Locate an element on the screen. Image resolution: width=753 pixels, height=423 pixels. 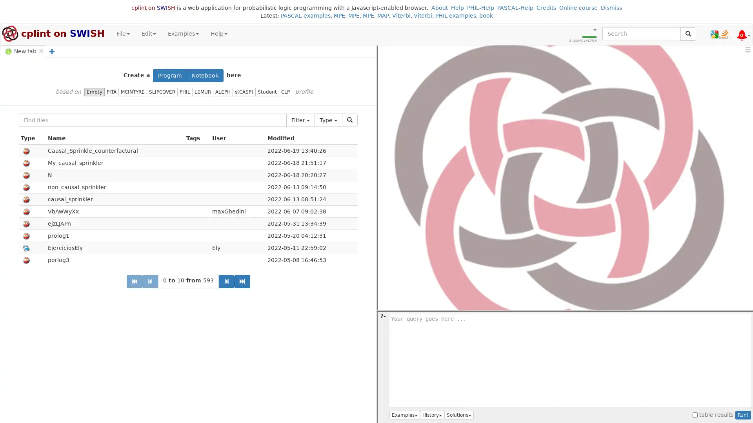
Solutions is located at coordinates (459, 415).